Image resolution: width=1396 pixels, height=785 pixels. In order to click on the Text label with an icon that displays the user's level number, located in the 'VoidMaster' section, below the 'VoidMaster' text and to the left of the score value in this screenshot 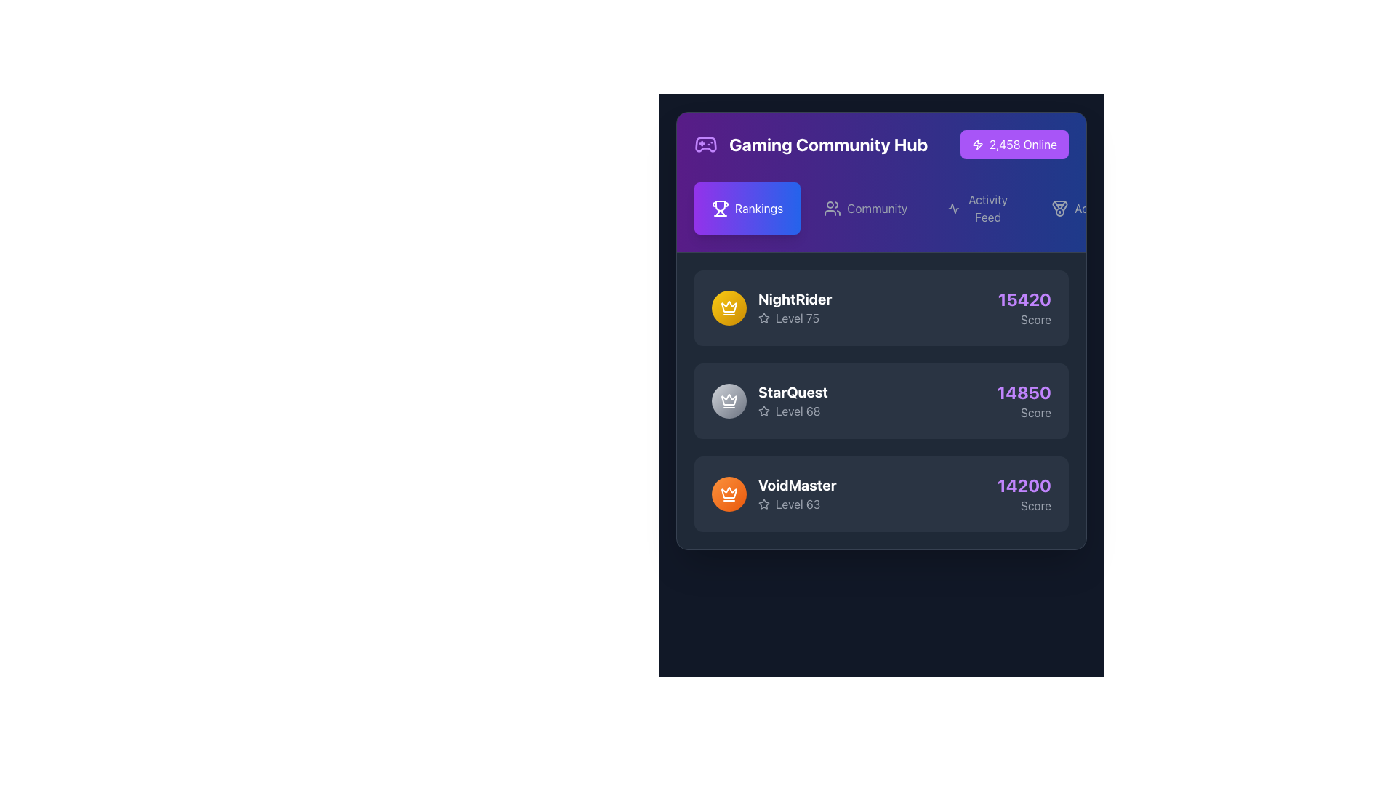, I will do `click(796, 504)`.